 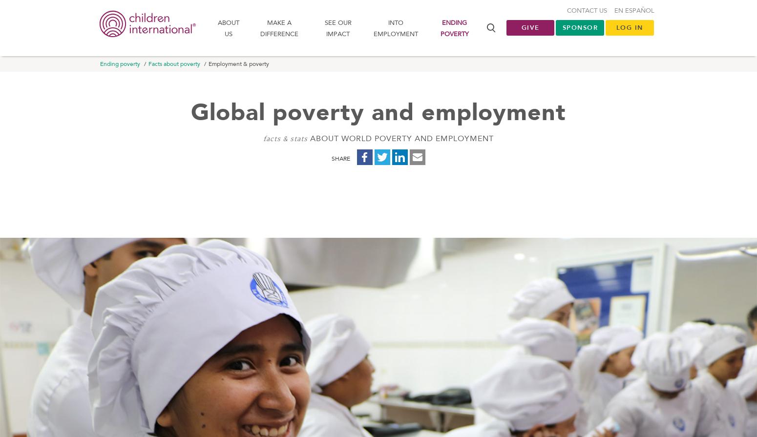 What do you see at coordinates (562, 29) in the screenshot?
I see `'Sponsor'` at bounding box center [562, 29].